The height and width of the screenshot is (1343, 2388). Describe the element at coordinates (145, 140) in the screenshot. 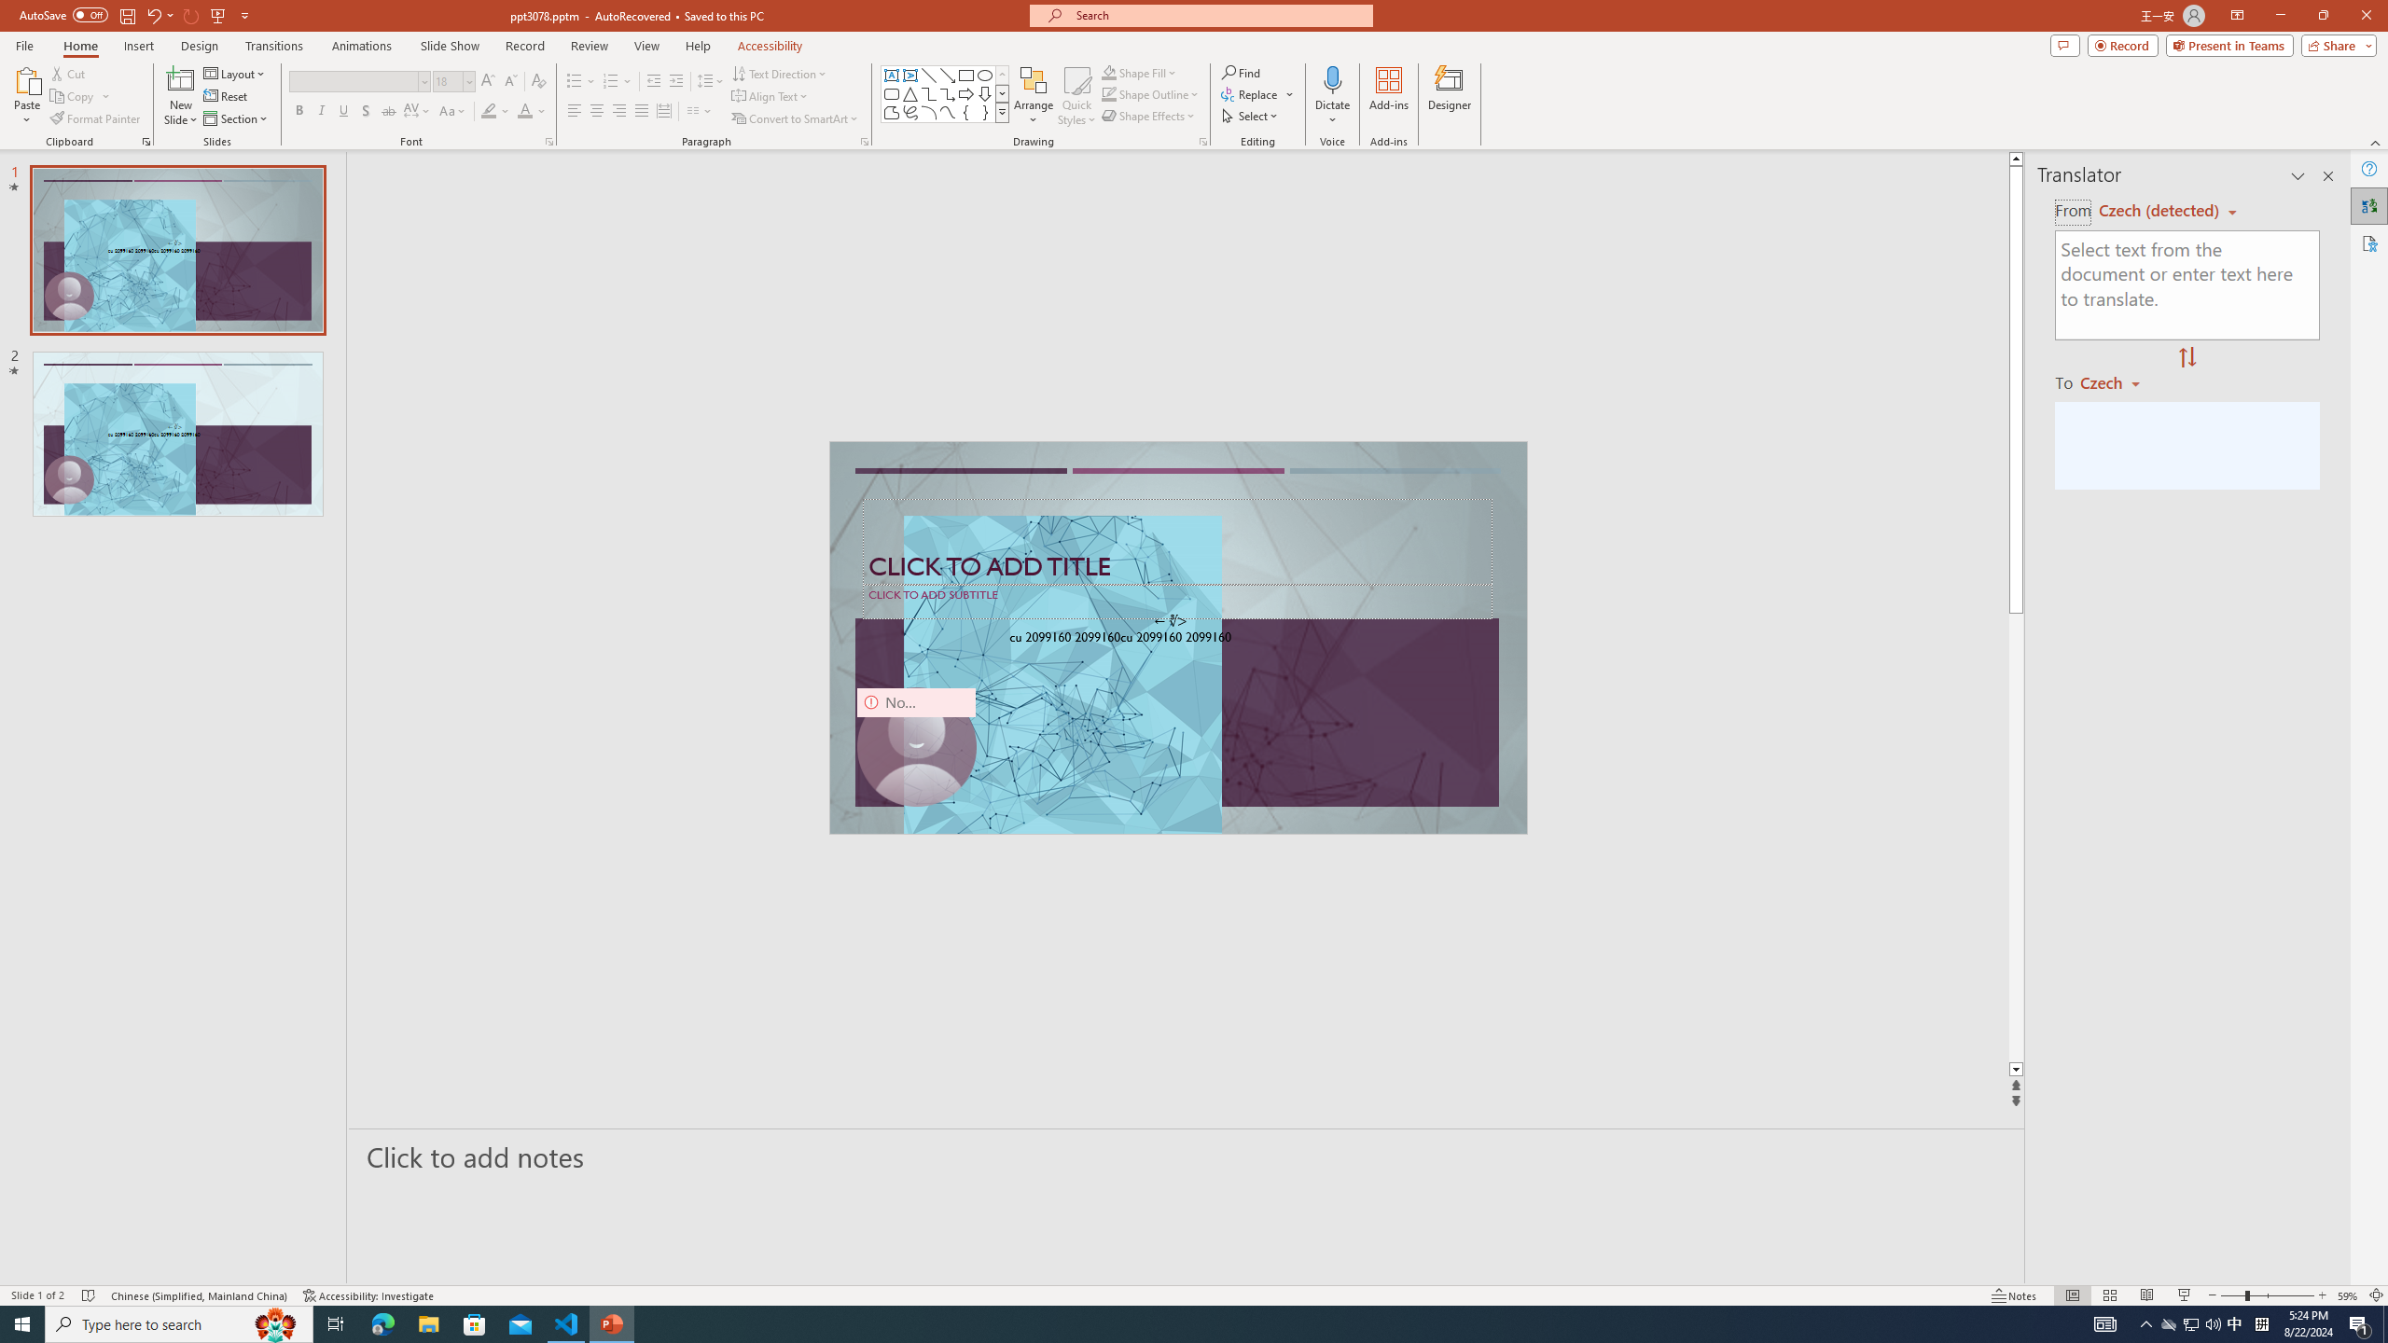

I see `'Office Clipboard...'` at that location.